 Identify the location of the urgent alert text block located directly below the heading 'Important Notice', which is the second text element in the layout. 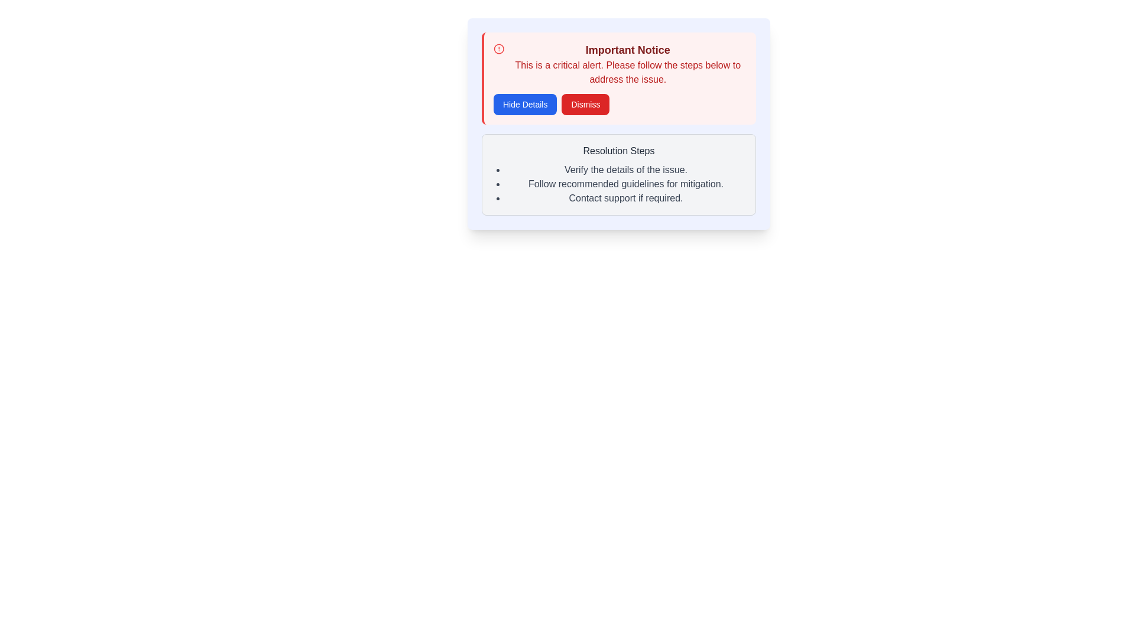
(627, 73).